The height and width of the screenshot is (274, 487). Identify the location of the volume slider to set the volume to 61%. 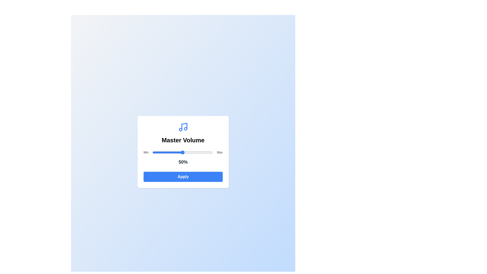
(189, 152).